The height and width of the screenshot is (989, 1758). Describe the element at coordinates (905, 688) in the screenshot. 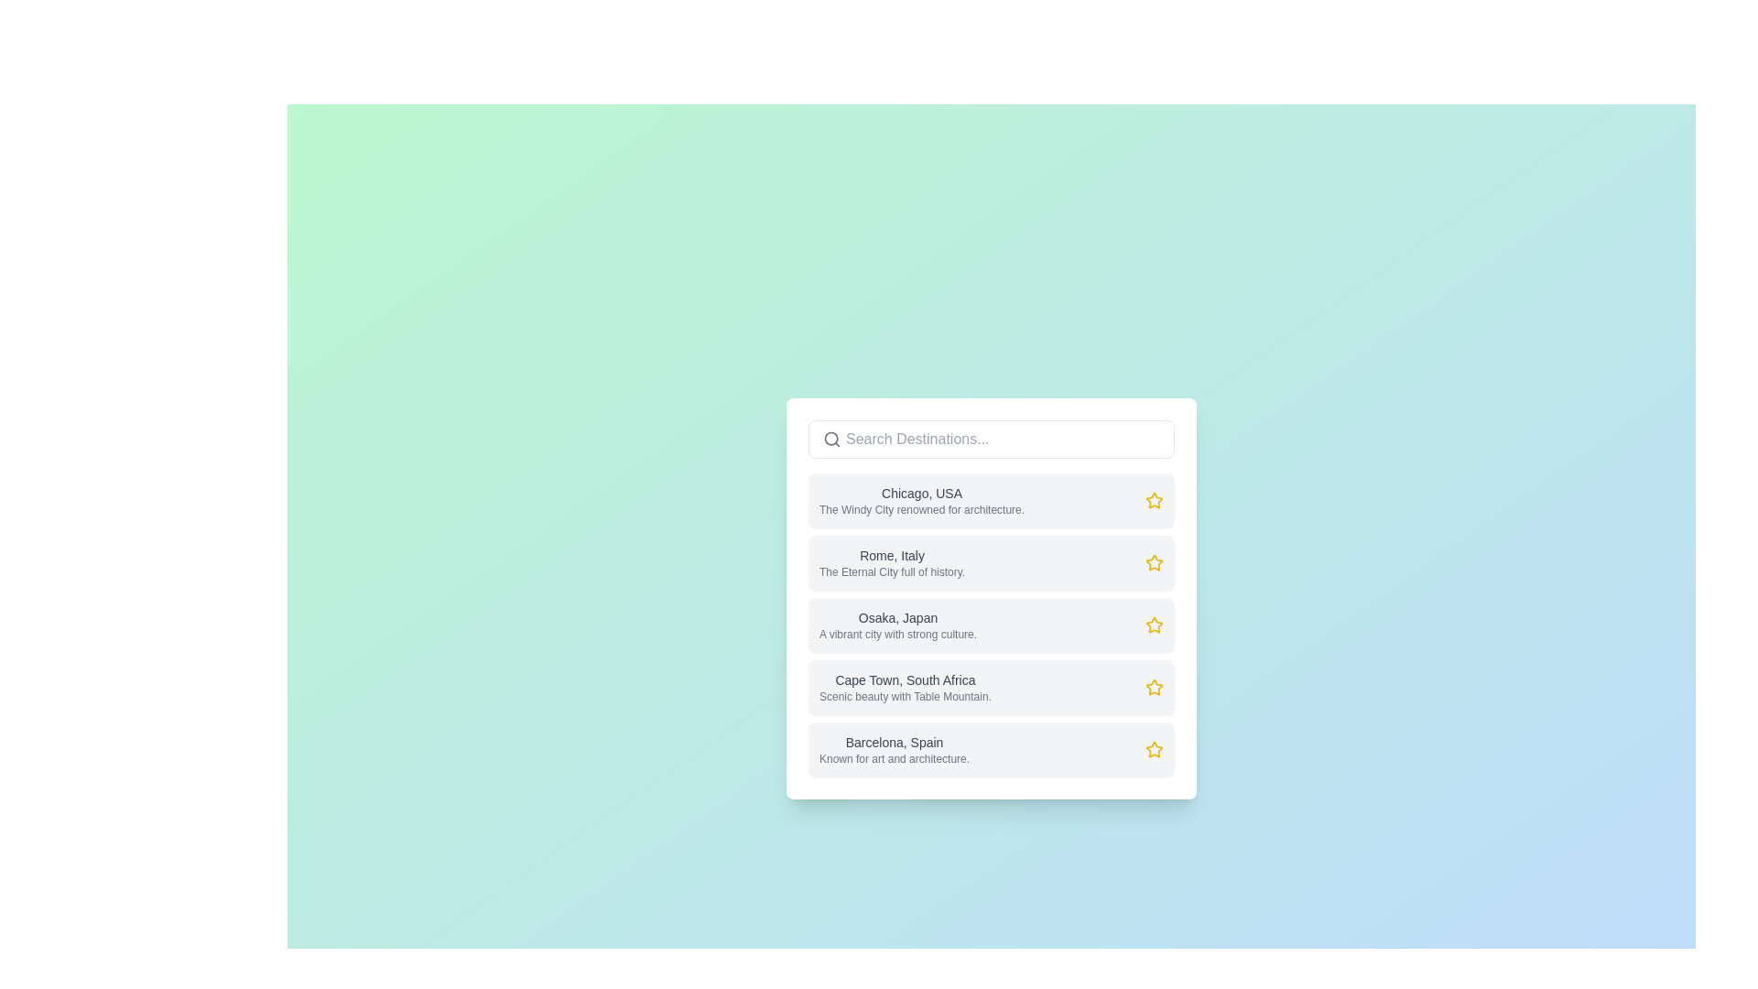

I see `the textual content area displaying information about the destination 'Cape Town, South Africa', which is the fourth item in the vertical list of destinations` at that location.